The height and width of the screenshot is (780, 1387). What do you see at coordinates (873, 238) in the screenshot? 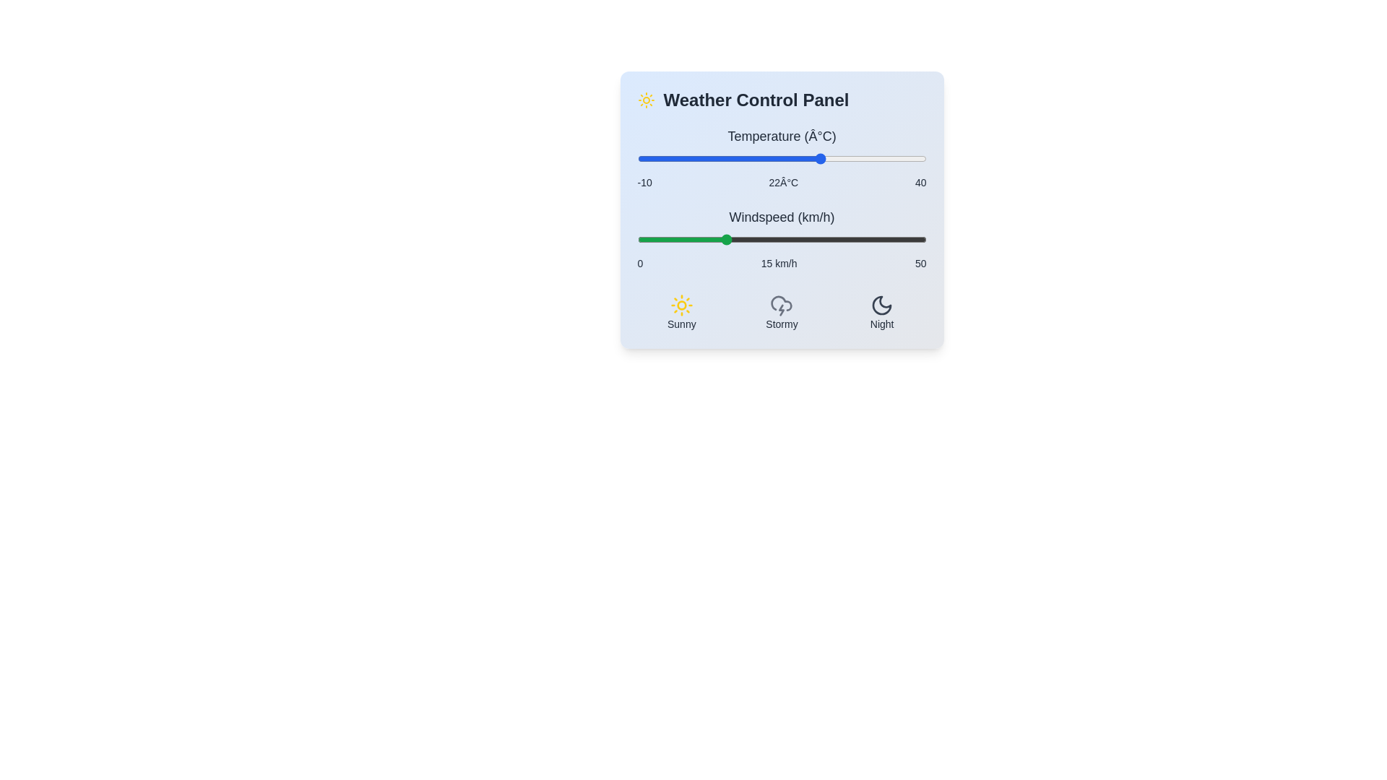
I see `the windspeed` at bounding box center [873, 238].